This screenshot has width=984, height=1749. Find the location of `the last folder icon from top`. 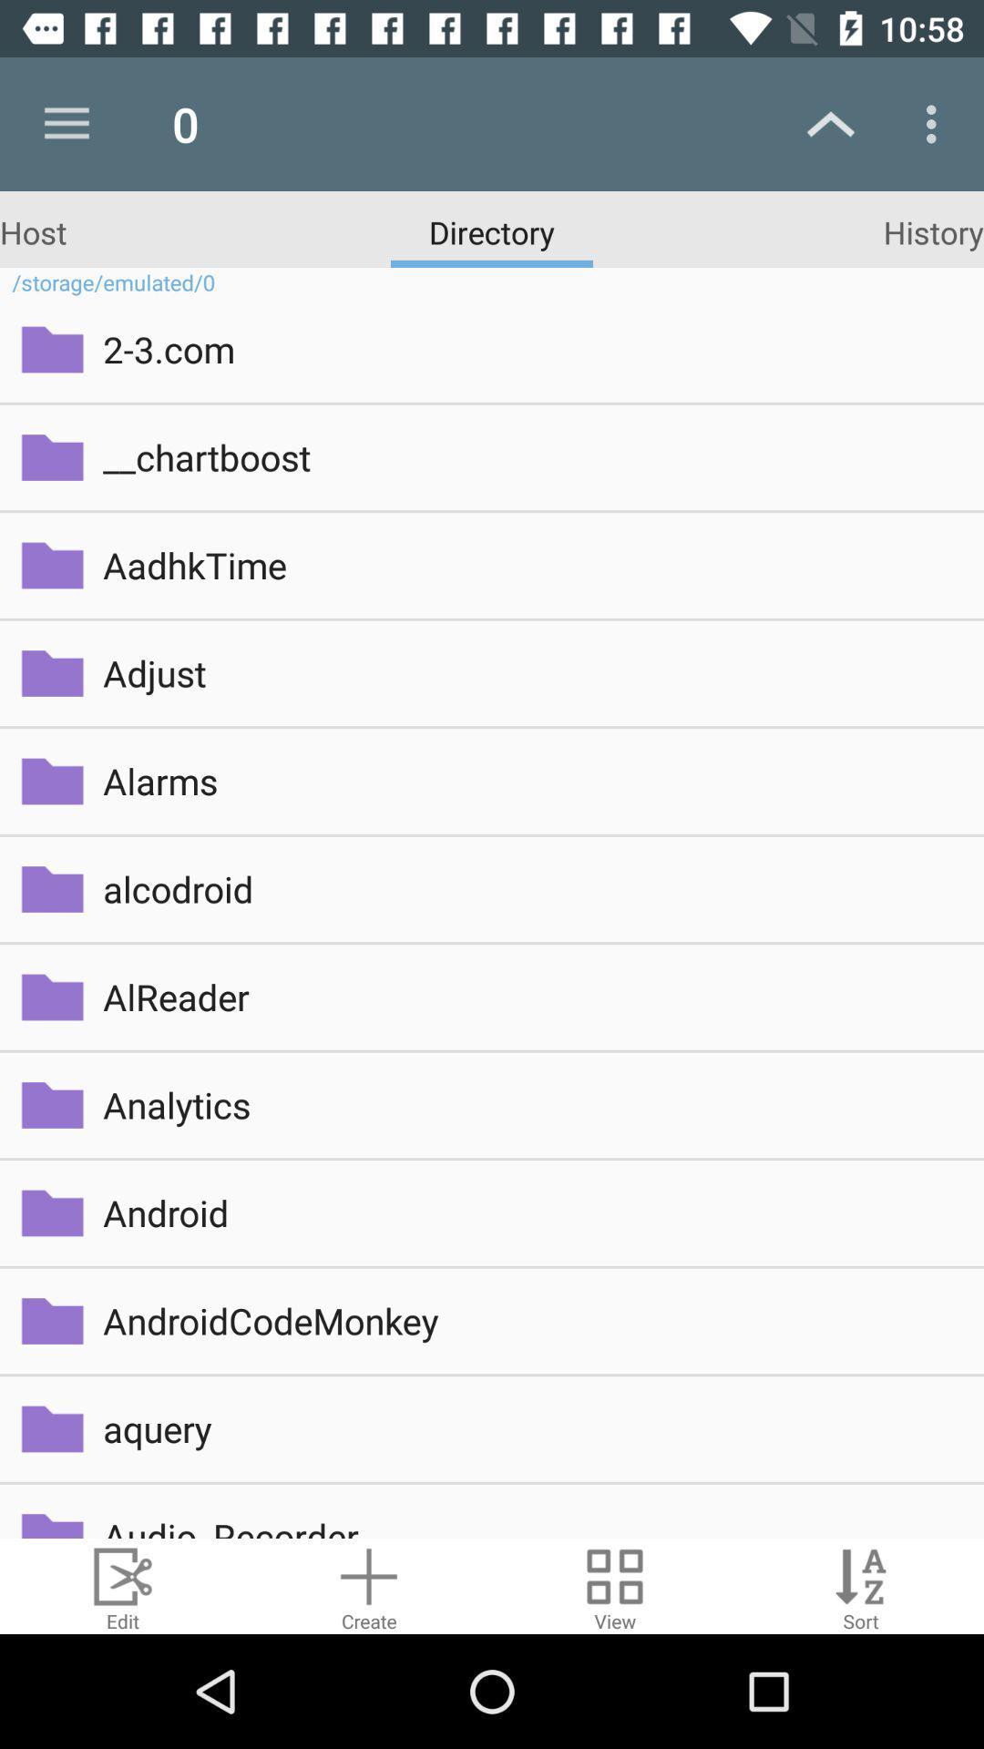

the last folder icon from top is located at coordinates (51, 1519).